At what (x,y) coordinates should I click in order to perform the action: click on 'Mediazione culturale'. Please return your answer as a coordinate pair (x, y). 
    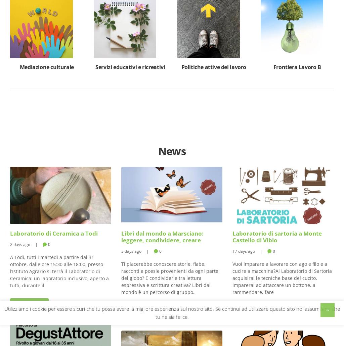
    Looking at the image, I should click on (46, 66).